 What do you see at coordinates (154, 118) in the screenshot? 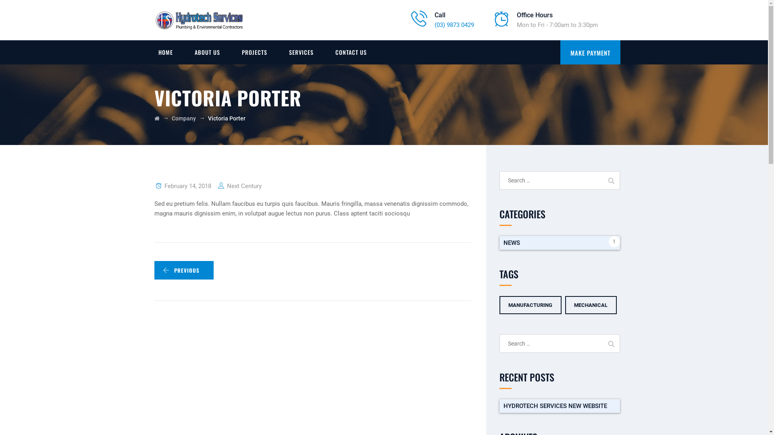
I see `'Go to Hydrotech Services.'` at bounding box center [154, 118].